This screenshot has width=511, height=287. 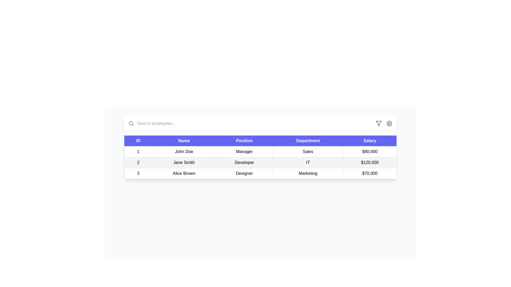 What do you see at coordinates (260, 151) in the screenshot?
I see `on the first row of the employee data table` at bounding box center [260, 151].